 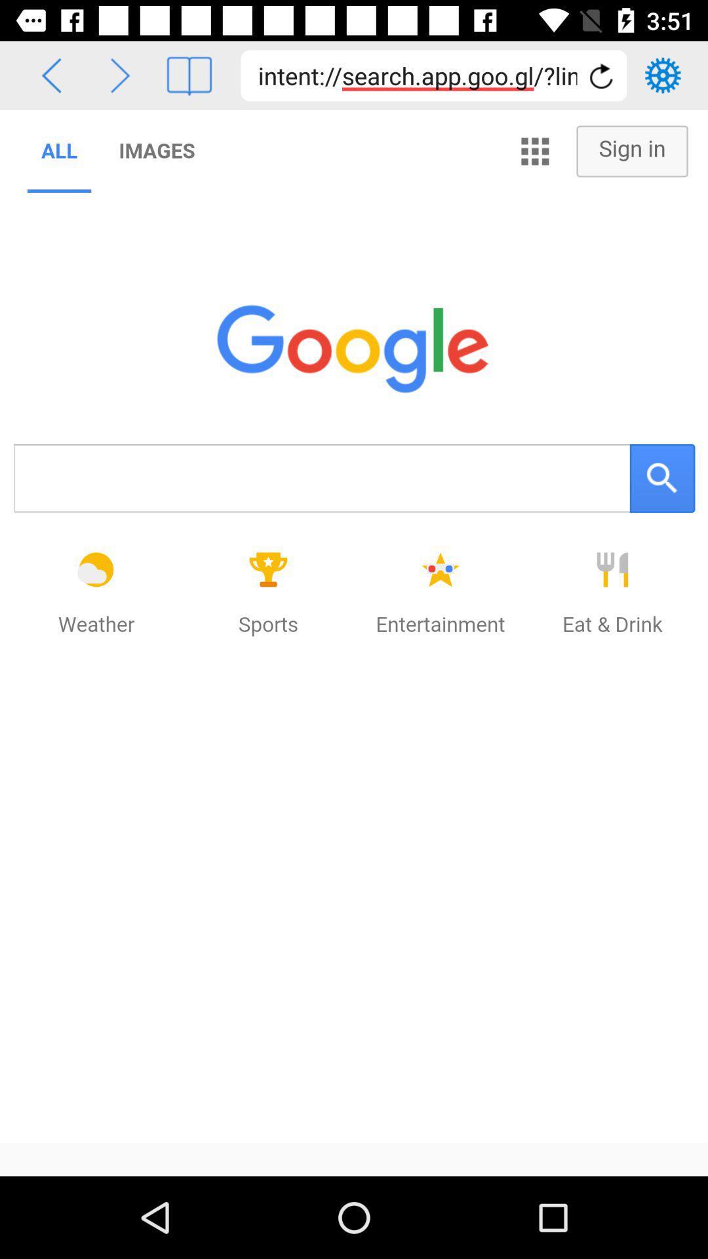 What do you see at coordinates (189, 75) in the screenshot?
I see `the book icon` at bounding box center [189, 75].